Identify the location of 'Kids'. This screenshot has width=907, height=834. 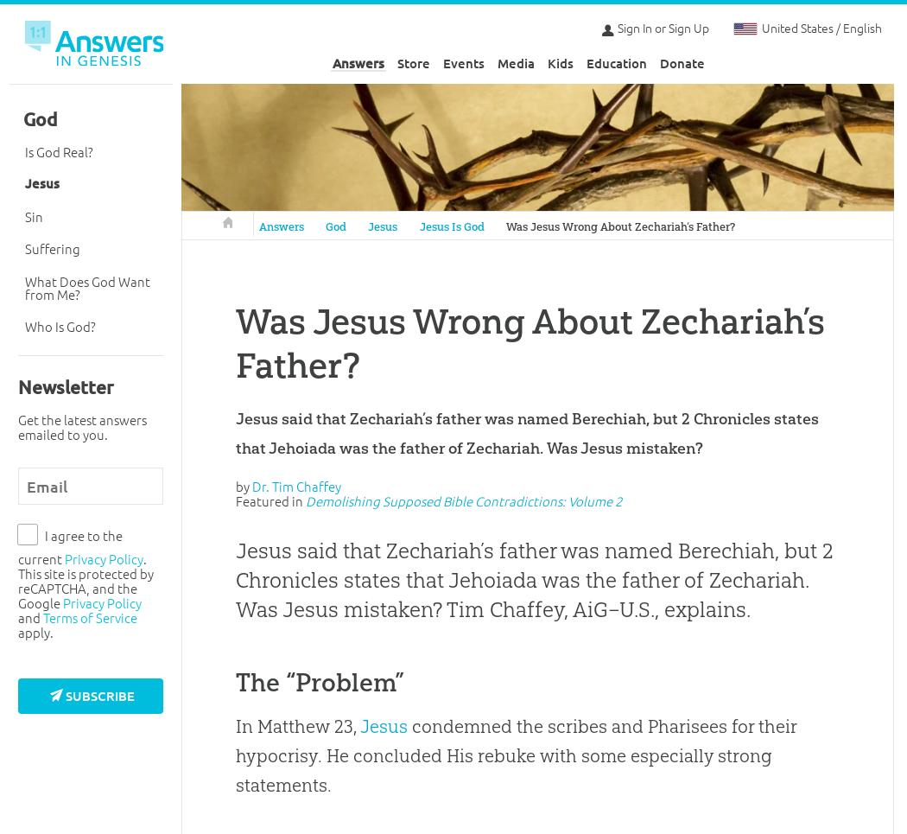
(560, 62).